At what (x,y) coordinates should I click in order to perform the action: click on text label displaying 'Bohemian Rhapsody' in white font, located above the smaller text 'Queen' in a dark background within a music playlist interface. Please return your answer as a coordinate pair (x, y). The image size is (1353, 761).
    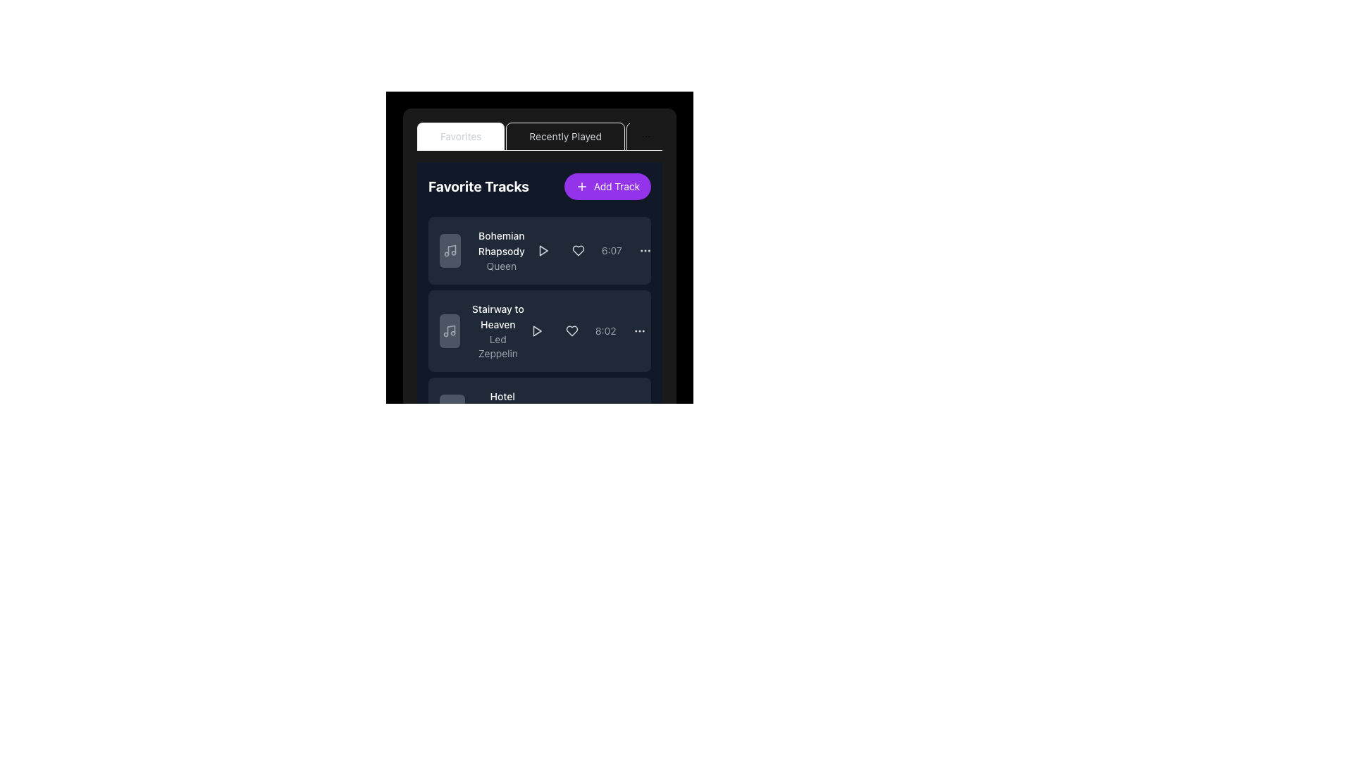
    Looking at the image, I should click on (501, 243).